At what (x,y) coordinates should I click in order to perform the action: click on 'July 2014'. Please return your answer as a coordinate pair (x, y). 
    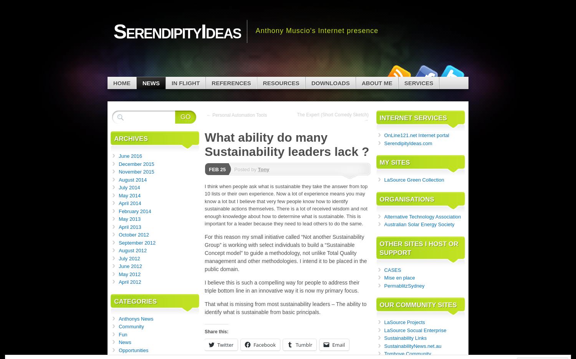
    Looking at the image, I should click on (129, 187).